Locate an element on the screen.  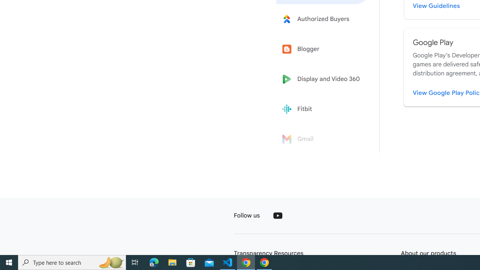
'Gmail' is located at coordinates (323, 139).